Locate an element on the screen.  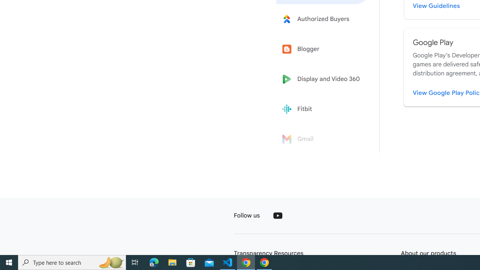
'Gmail' is located at coordinates (323, 139).